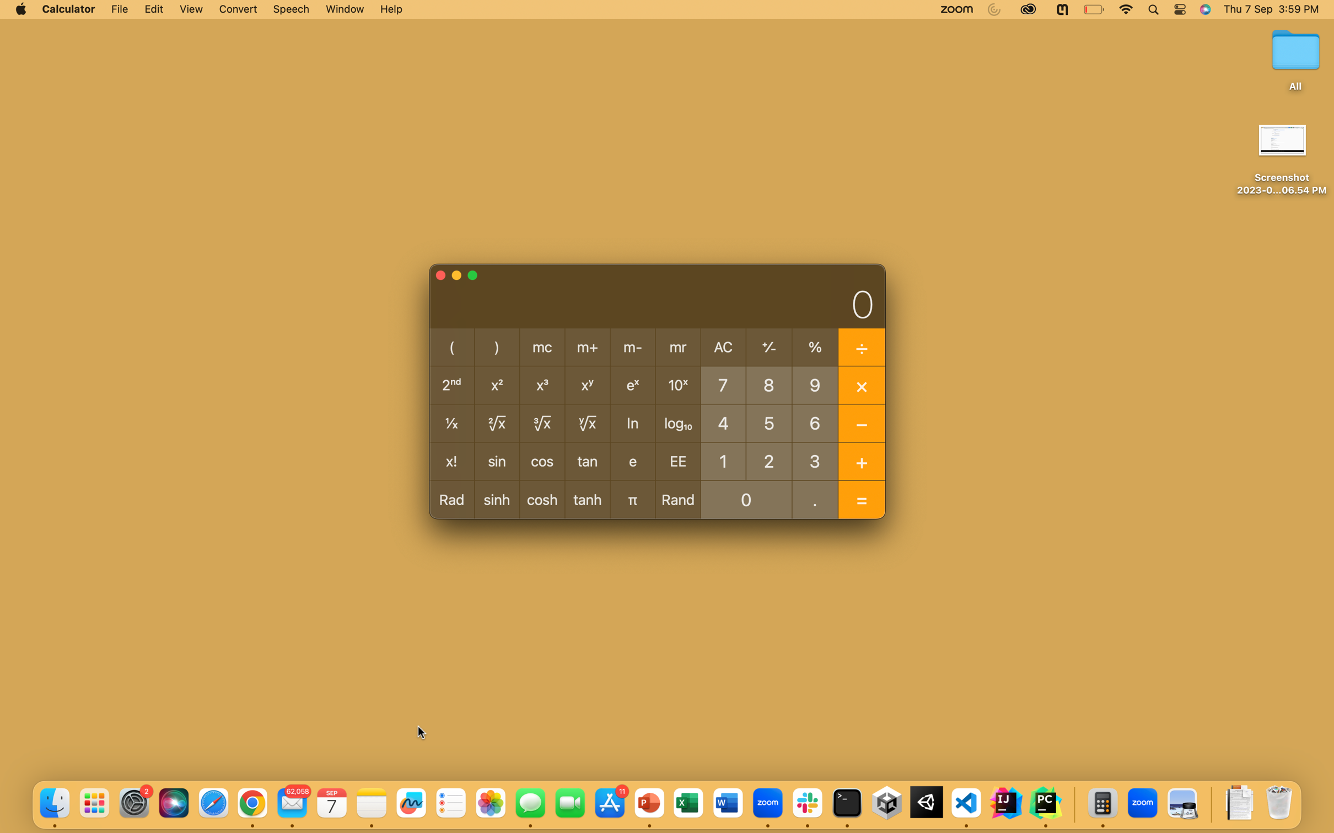 The height and width of the screenshot is (833, 1334). Describe the element at coordinates (768, 459) in the screenshot. I see `the cube root for the digit 27` at that location.